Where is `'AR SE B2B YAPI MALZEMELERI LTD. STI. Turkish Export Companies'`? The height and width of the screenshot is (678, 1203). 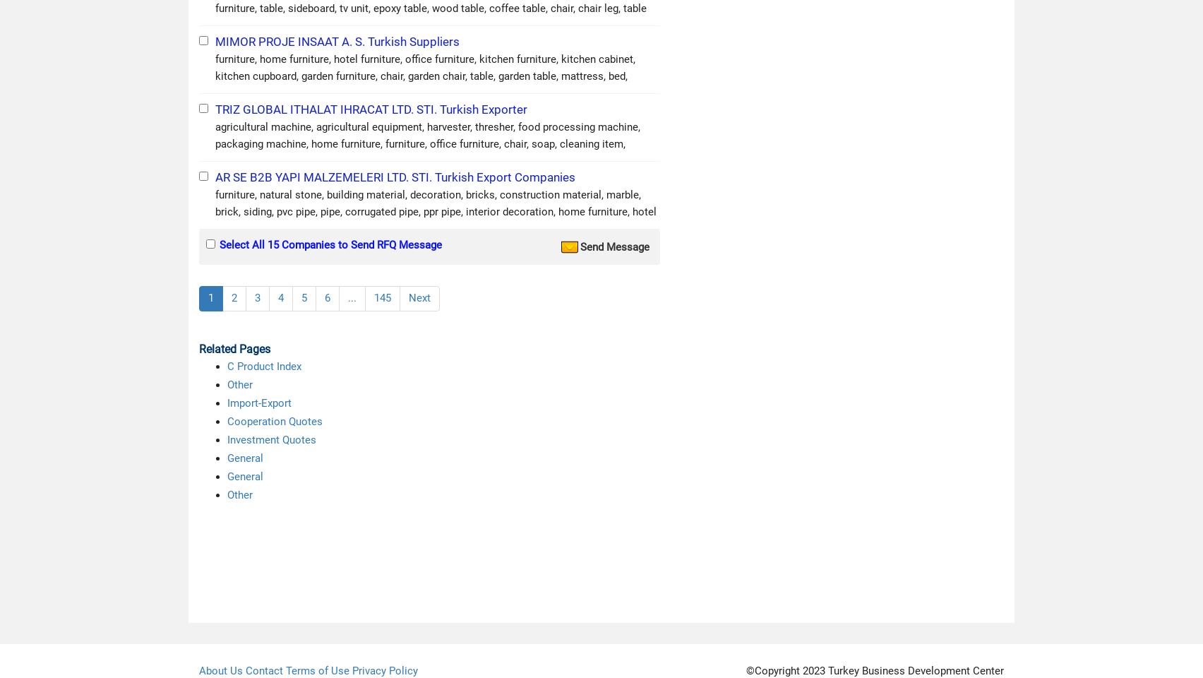
'AR SE B2B YAPI MALZEMELERI LTD. STI. Turkish Export Companies' is located at coordinates (395, 177).